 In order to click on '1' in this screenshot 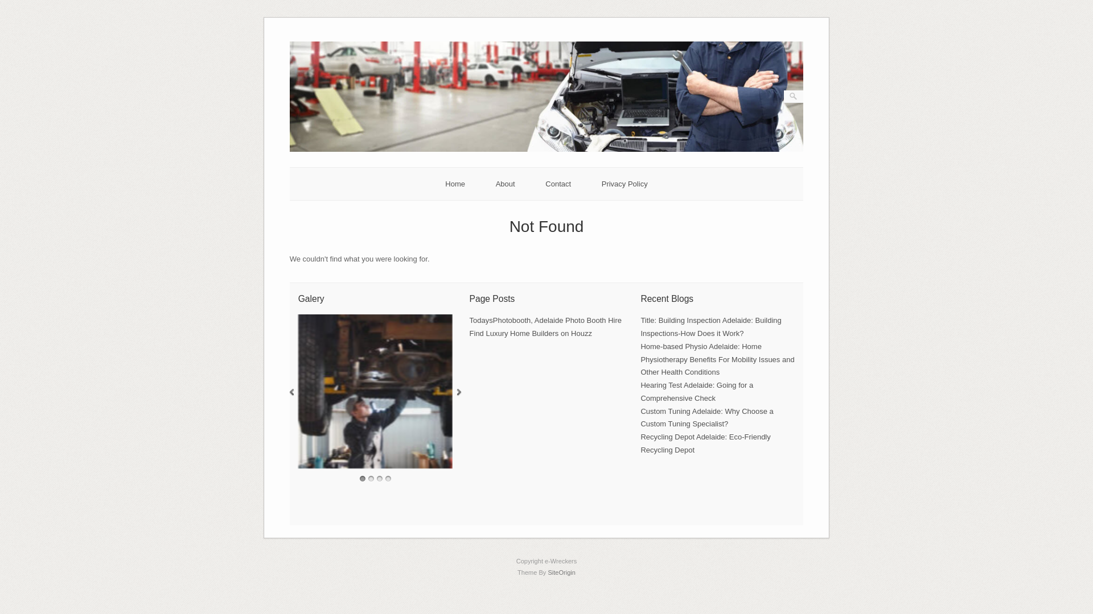, I will do `click(362, 479)`.